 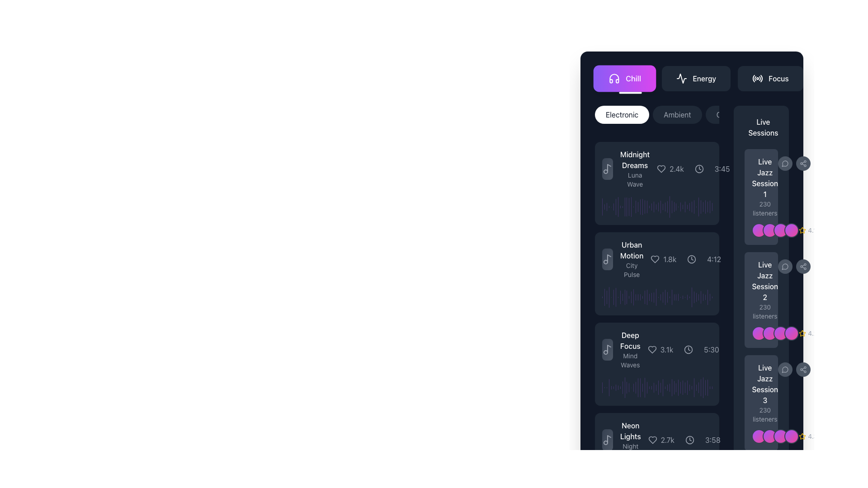 What do you see at coordinates (703, 477) in the screenshot?
I see `the 49th vertical purple bar with rounded ends in the bar chart component located on the right side of the interface` at bounding box center [703, 477].